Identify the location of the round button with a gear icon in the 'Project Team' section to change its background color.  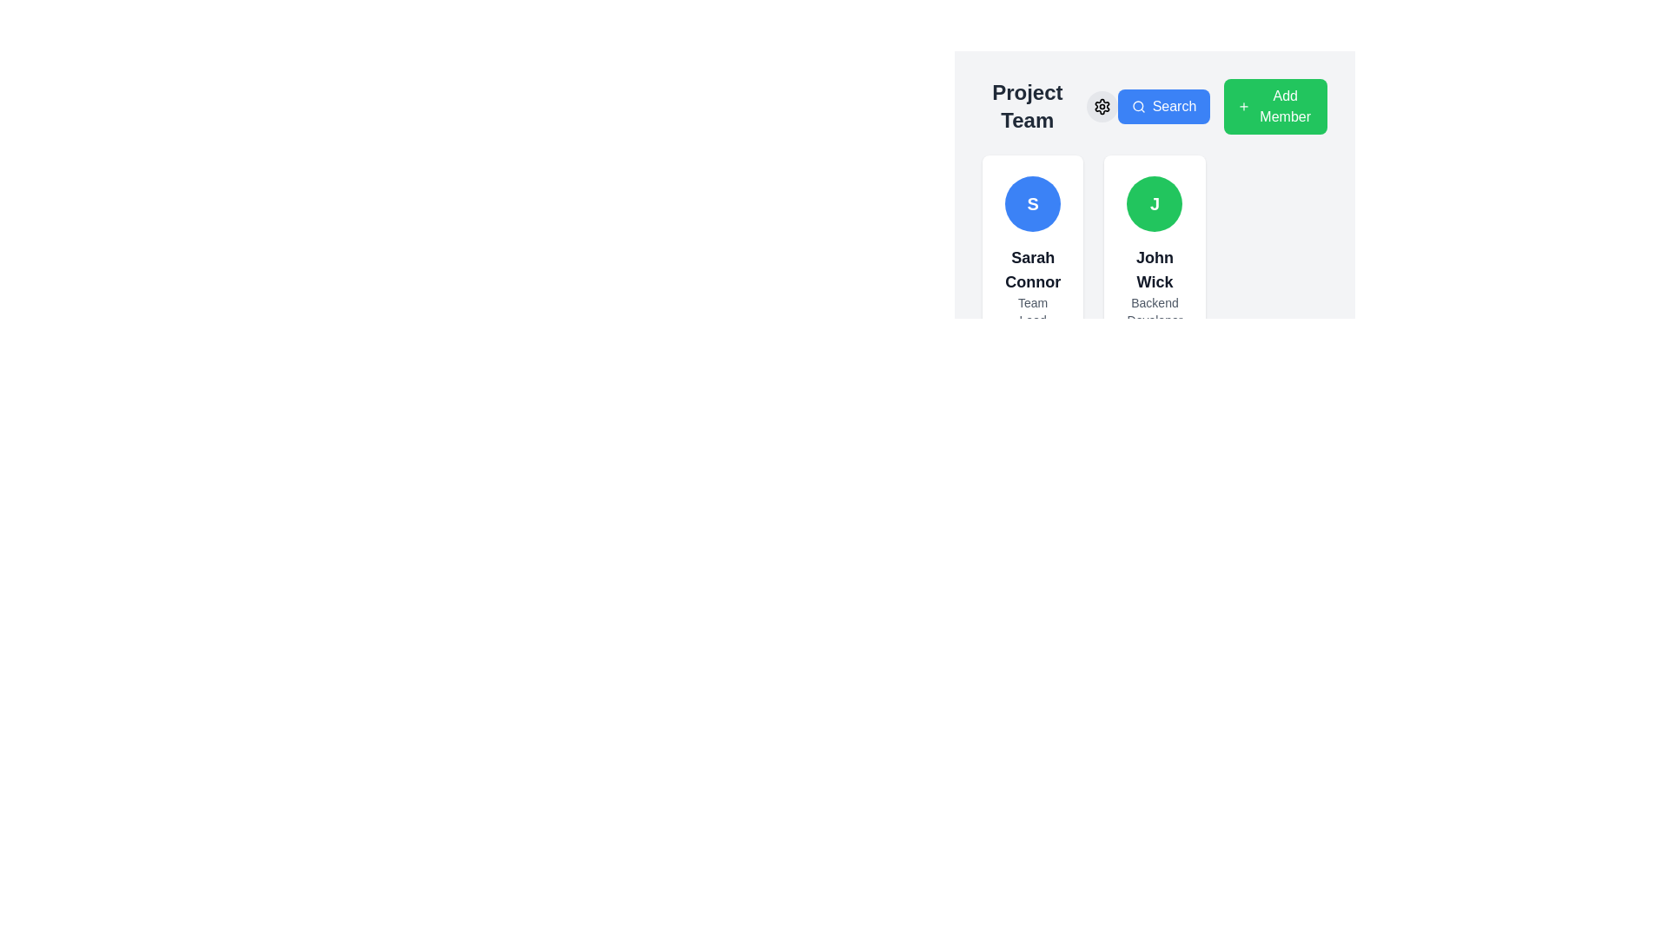
(1101, 107).